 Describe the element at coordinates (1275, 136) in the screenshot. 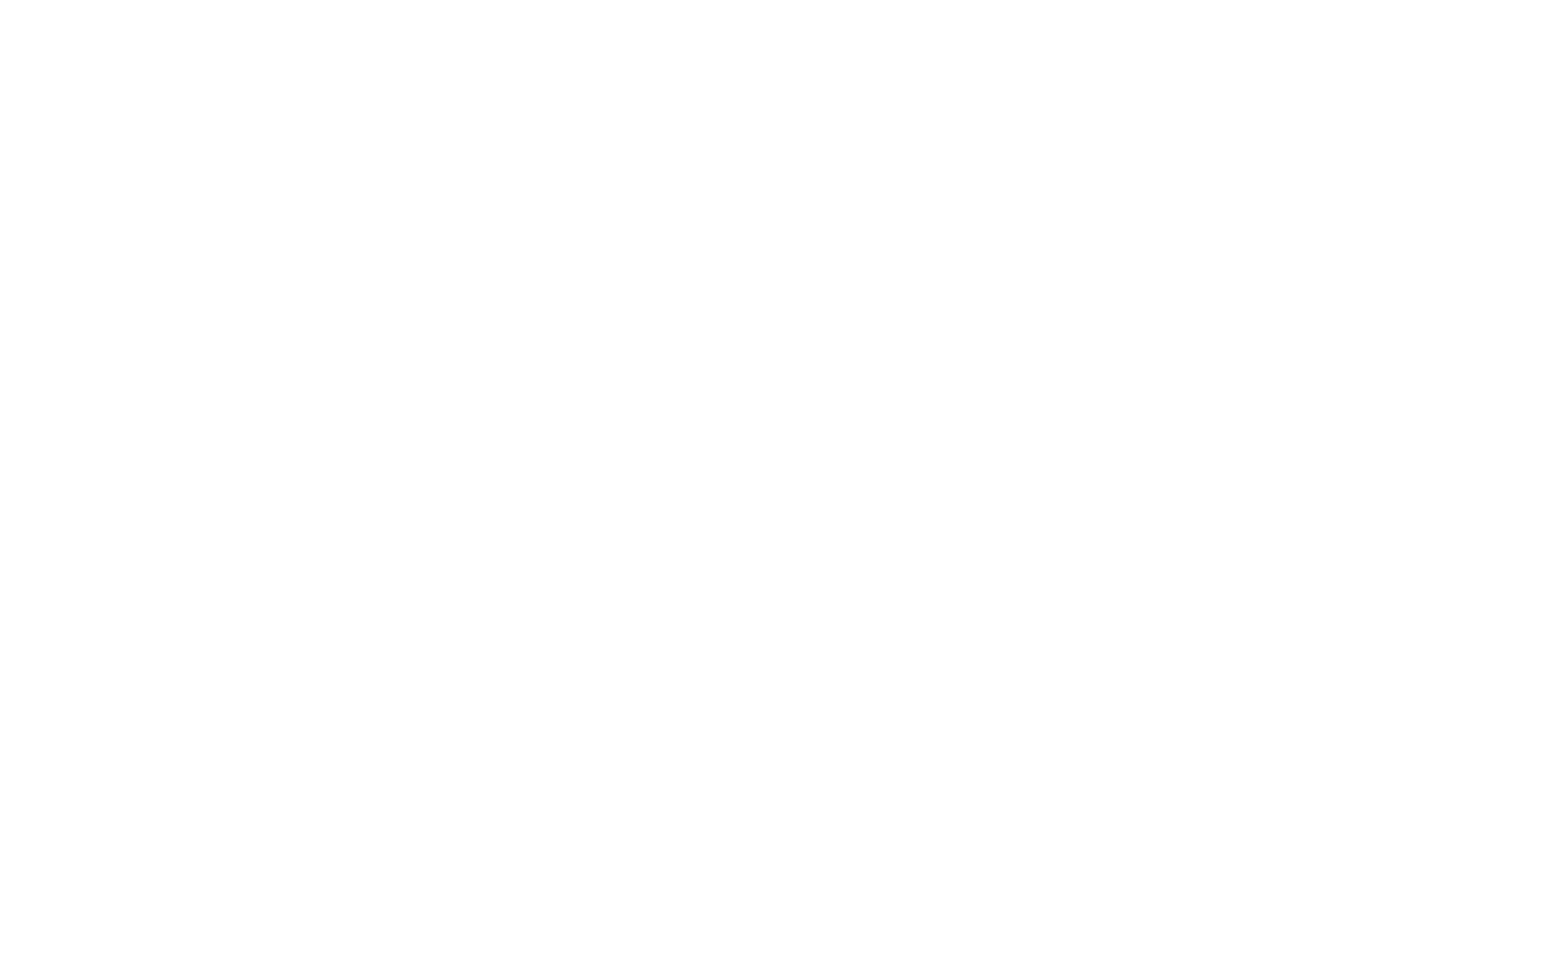

I see `'Düwag, double articulated'` at that location.